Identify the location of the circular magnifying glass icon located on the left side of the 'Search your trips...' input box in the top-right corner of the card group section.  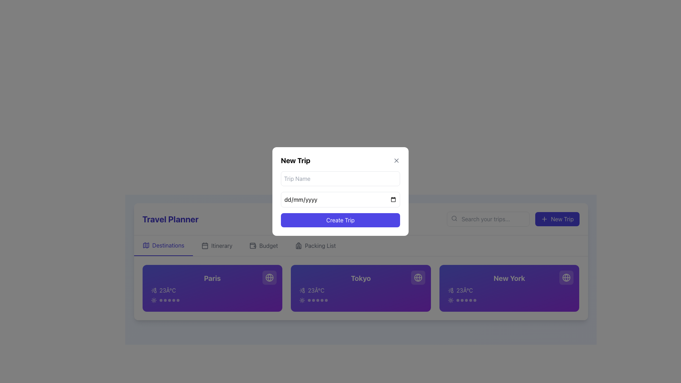
(454, 218).